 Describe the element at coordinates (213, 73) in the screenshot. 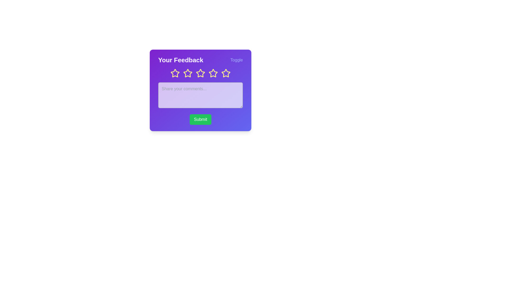

I see `the fourth star icon in the row of five yellow stars on the purple feedback card` at that location.